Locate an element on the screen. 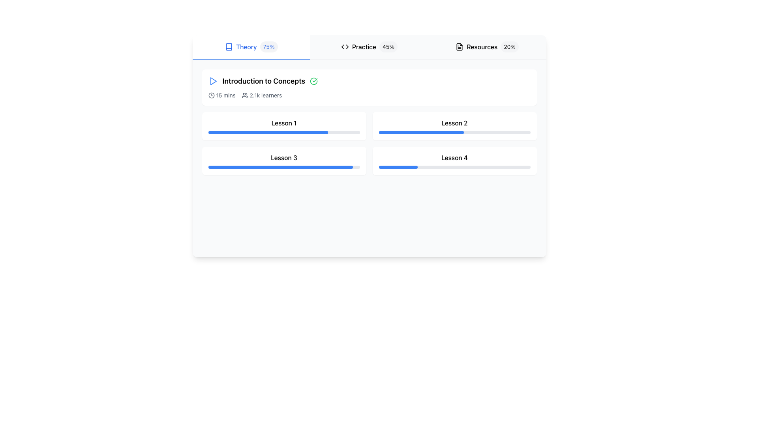  the blue progress bar located under 'Lesson 2' in the second row of the grid layout, which is approximately halfway filled within its gray background is located at coordinates (421, 132).